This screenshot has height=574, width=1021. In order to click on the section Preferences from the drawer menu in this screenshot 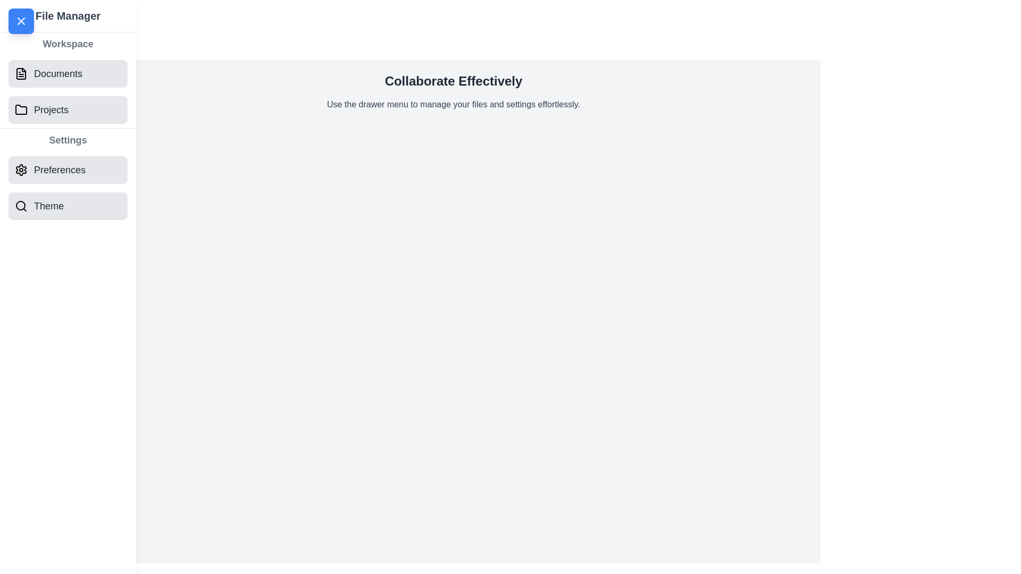, I will do `click(68, 170)`.